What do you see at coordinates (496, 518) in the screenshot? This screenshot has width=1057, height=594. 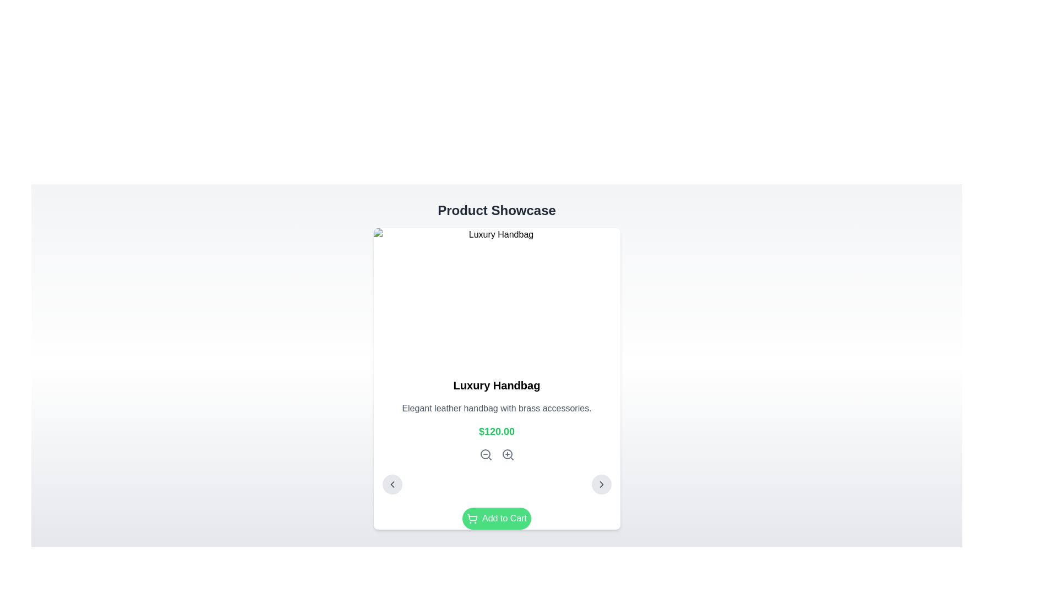 I see `the rounded green button labeled 'Add to Cart' with a shopping cart icon` at bounding box center [496, 518].